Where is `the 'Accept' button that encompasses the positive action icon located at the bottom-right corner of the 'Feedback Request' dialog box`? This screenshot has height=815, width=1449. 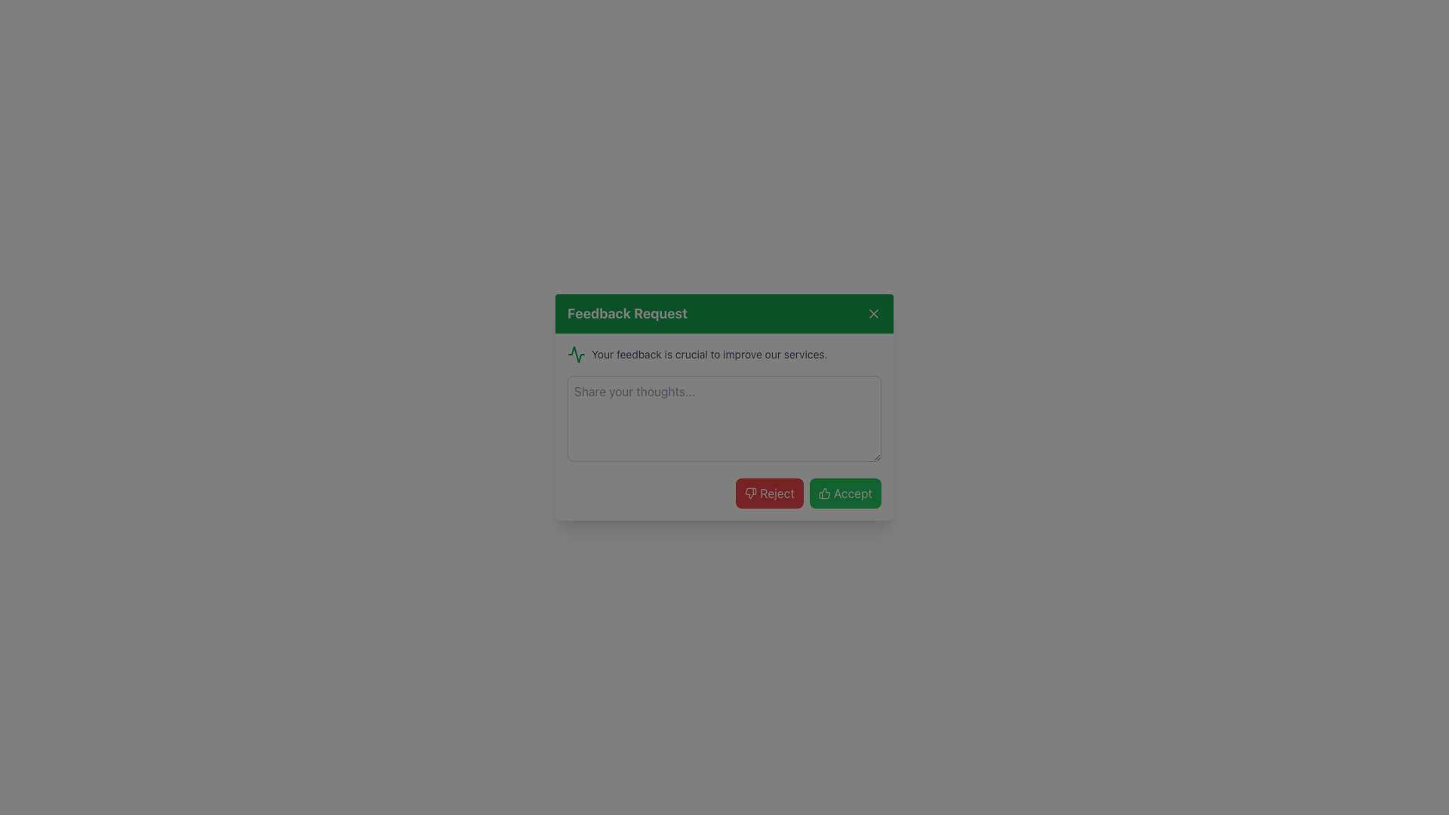
the 'Accept' button that encompasses the positive action icon located at the bottom-right corner of the 'Feedback Request' dialog box is located at coordinates (823, 494).